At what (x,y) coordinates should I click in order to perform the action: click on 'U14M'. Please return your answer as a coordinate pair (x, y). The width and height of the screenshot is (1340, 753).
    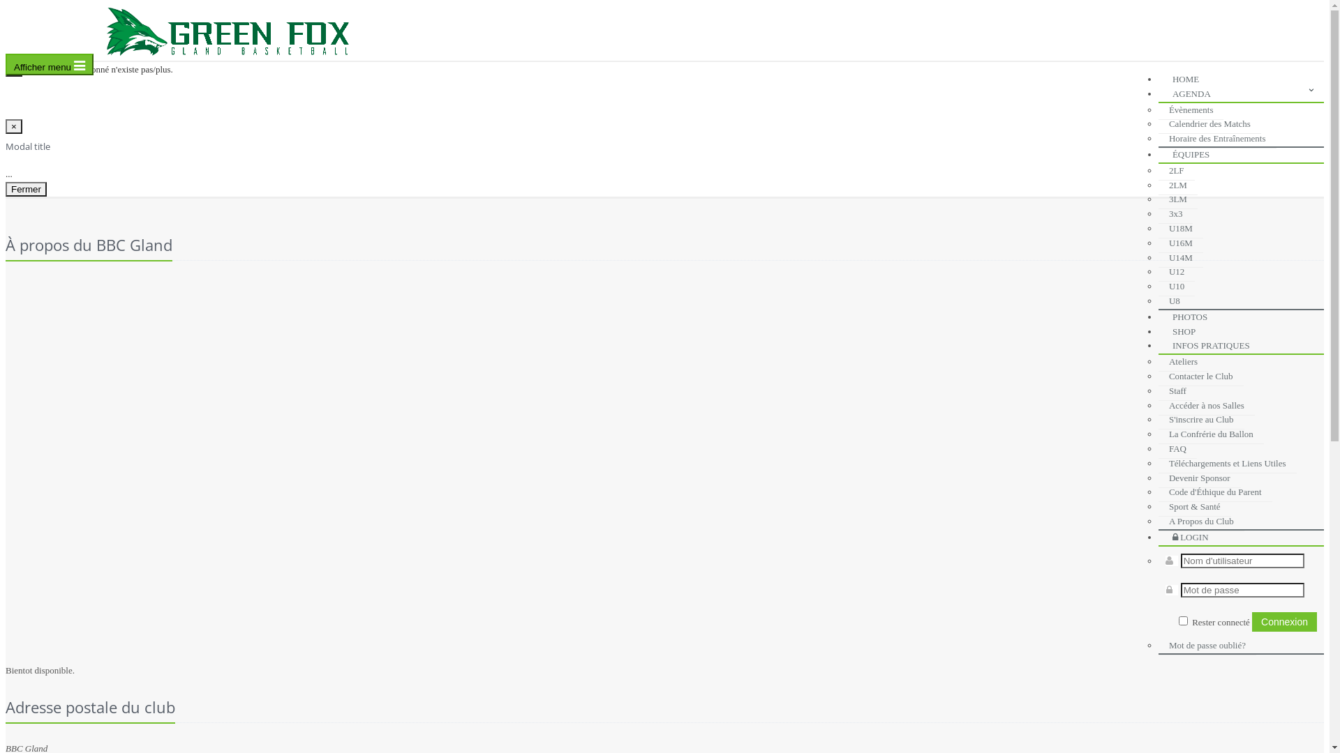
    Looking at the image, I should click on (1180, 258).